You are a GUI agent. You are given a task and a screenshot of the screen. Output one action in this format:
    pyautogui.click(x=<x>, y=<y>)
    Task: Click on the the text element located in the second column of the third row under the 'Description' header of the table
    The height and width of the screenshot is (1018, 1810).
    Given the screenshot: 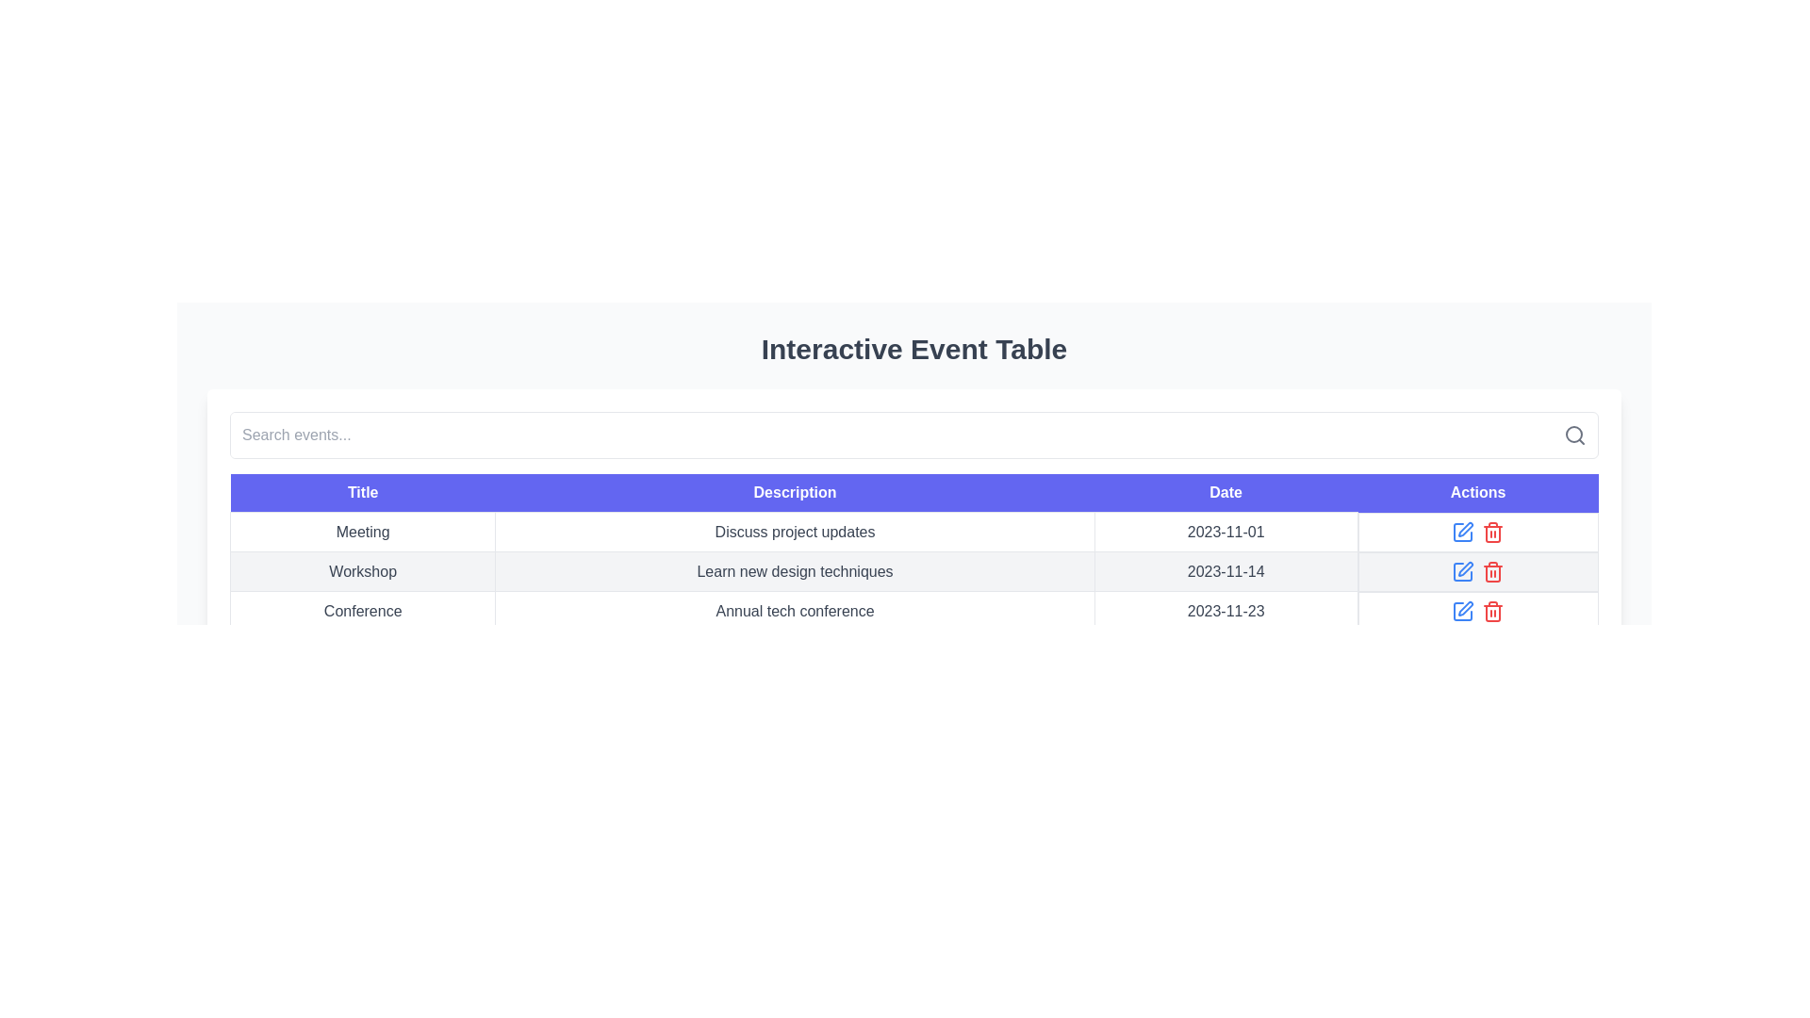 What is the action you would take?
    pyautogui.click(x=795, y=611)
    